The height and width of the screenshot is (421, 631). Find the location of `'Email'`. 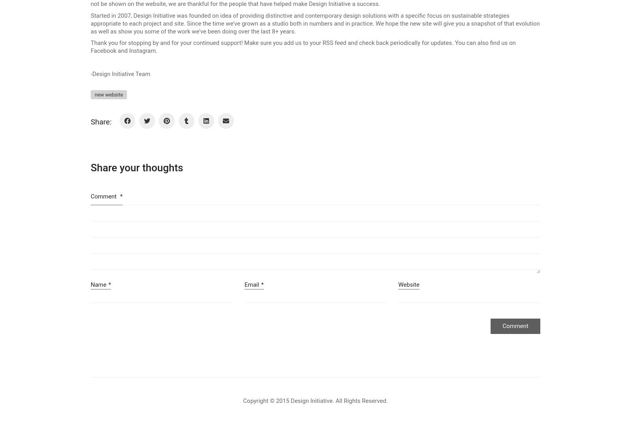

'Email' is located at coordinates (245, 284).